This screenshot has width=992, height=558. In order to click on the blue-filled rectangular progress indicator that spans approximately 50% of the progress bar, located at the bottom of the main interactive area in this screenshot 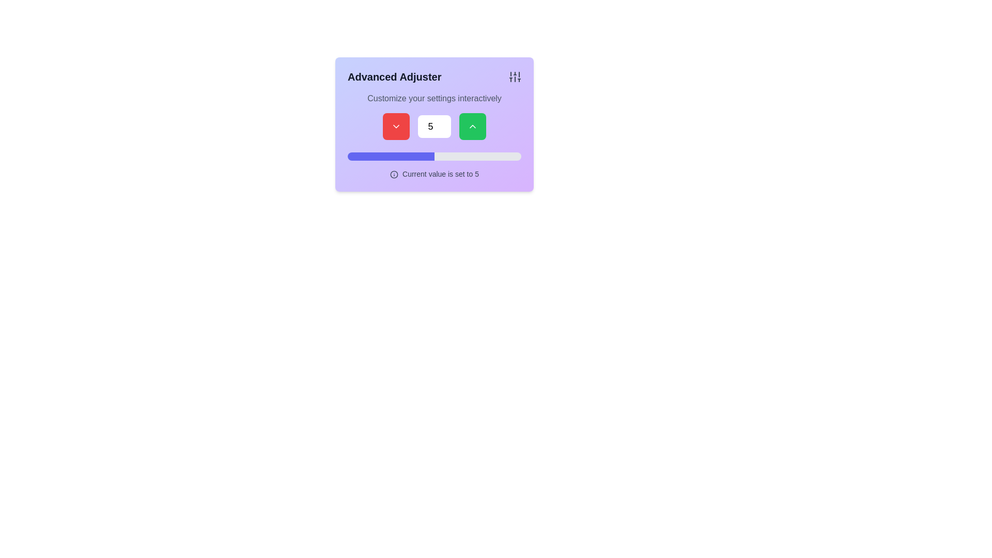, I will do `click(391, 157)`.